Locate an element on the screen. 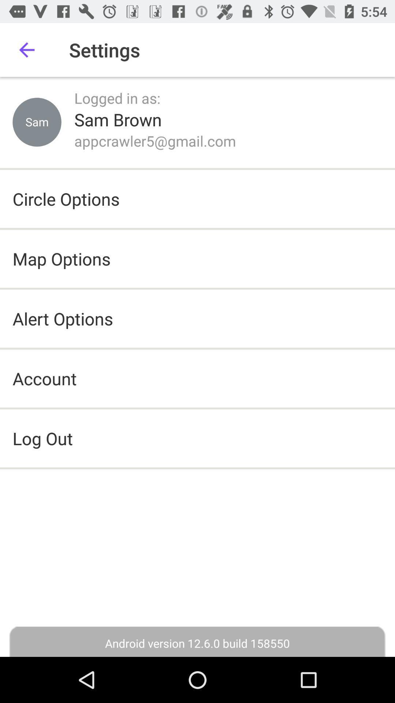  the item above the alert options icon is located at coordinates (61, 258).